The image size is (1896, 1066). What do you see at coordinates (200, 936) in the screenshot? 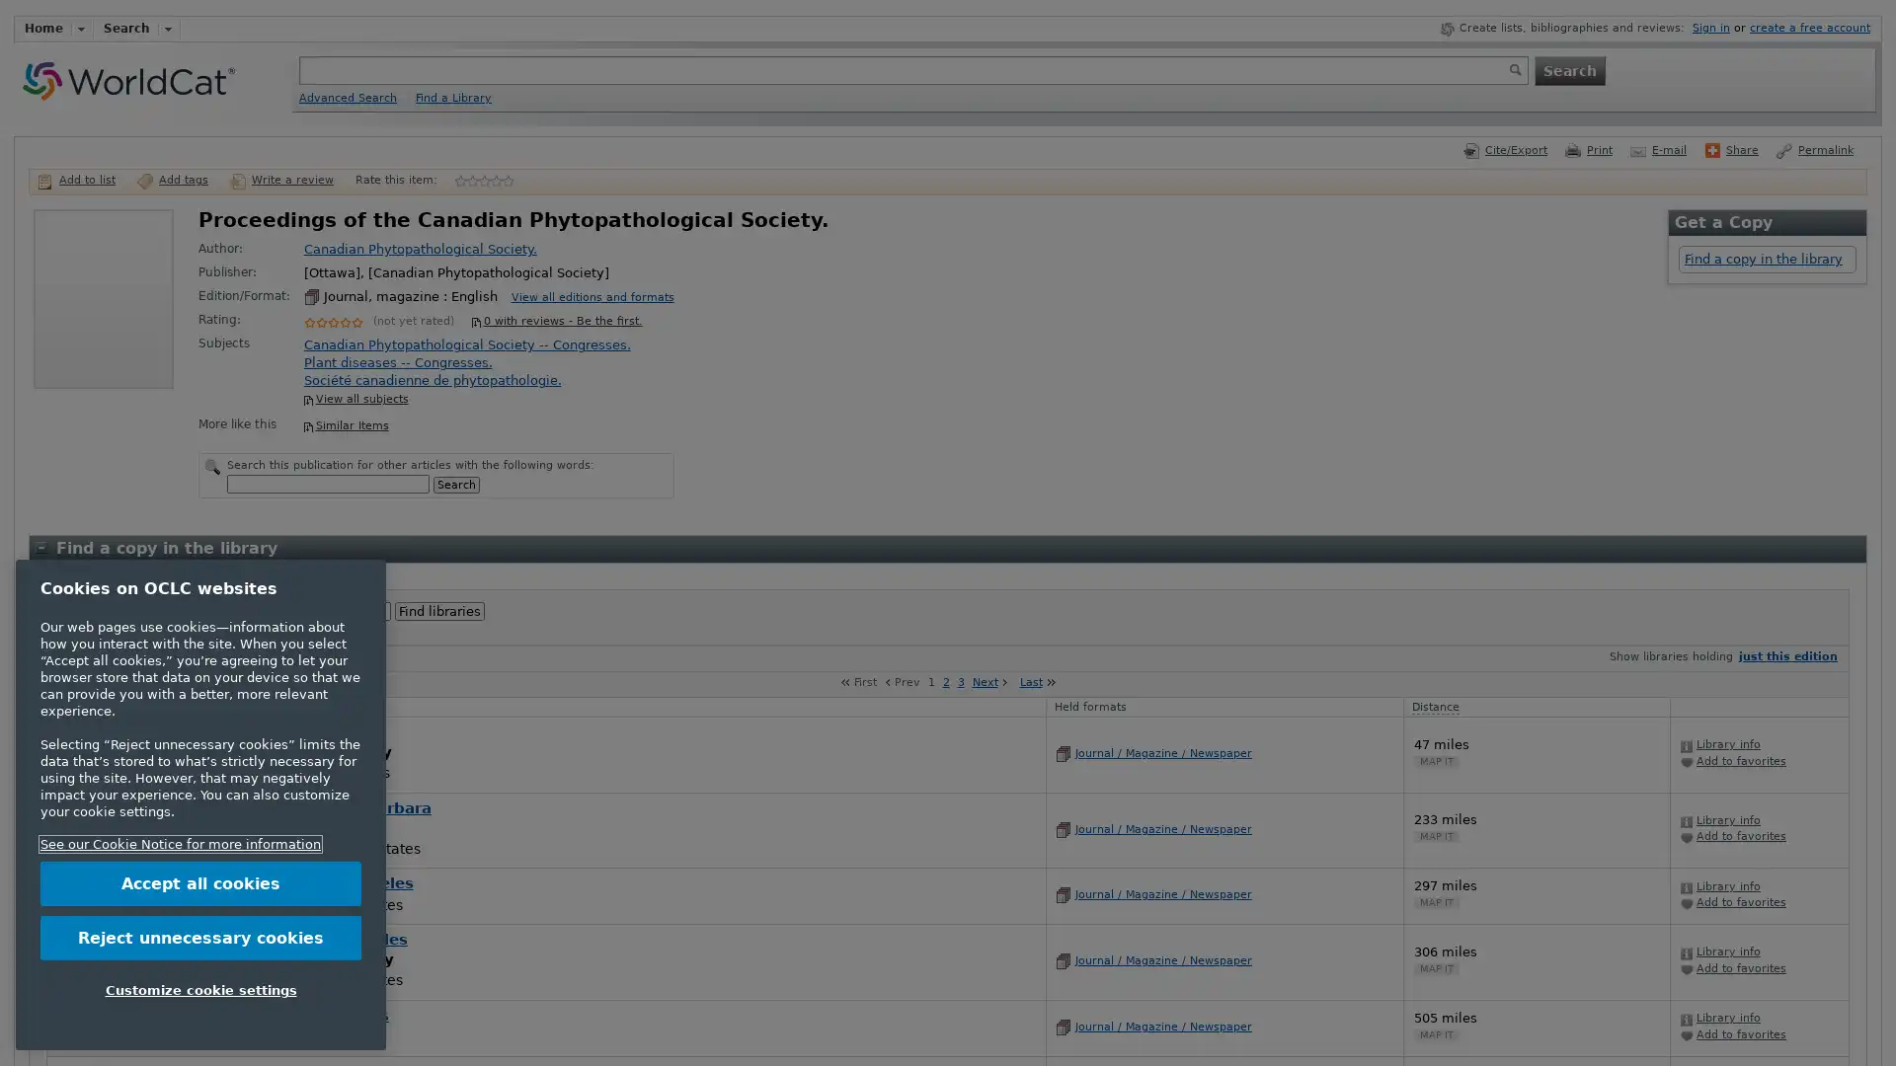
I see `Reject unnecessary cookies` at bounding box center [200, 936].